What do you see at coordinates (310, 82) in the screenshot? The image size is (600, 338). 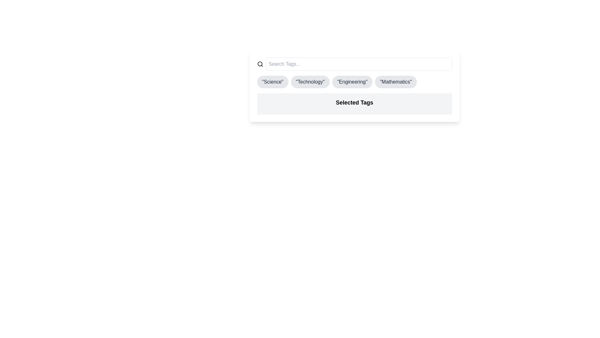 I see `the tag labeled Technology to select it` at bounding box center [310, 82].